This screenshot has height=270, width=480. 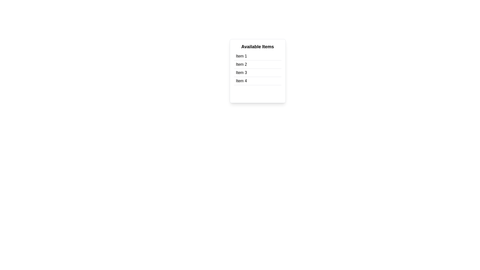 I want to click on the third item in the list titled 'Available Items', so click(x=257, y=73).